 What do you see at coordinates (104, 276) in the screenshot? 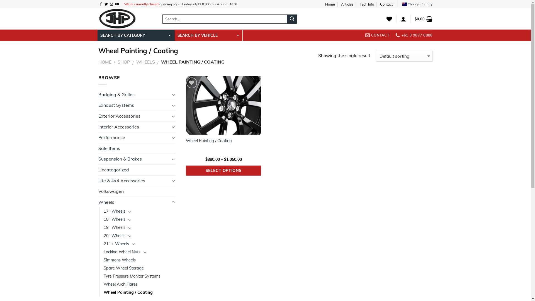
I see `'Tyre Pressure Monitor Systems'` at bounding box center [104, 276].